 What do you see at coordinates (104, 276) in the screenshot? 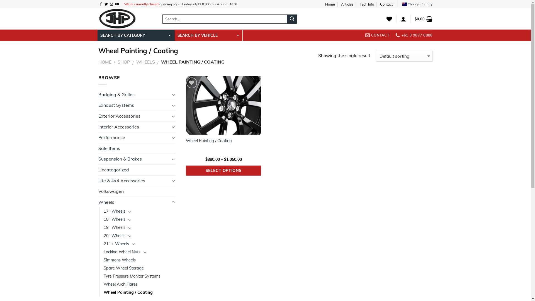
I see `'Tyre Pressure Monitor Systems'` at bounding box center [104, 276].